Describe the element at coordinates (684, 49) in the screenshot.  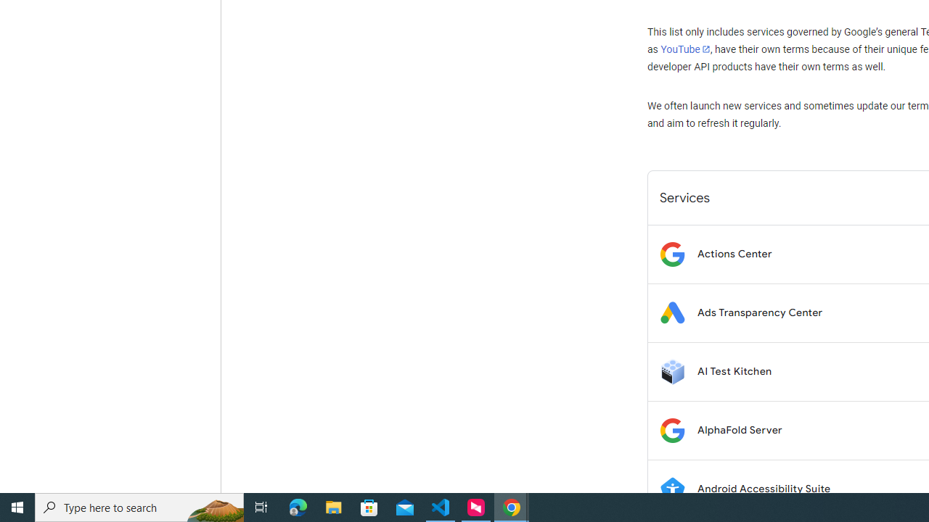
I see `'YouTube'` at that location.